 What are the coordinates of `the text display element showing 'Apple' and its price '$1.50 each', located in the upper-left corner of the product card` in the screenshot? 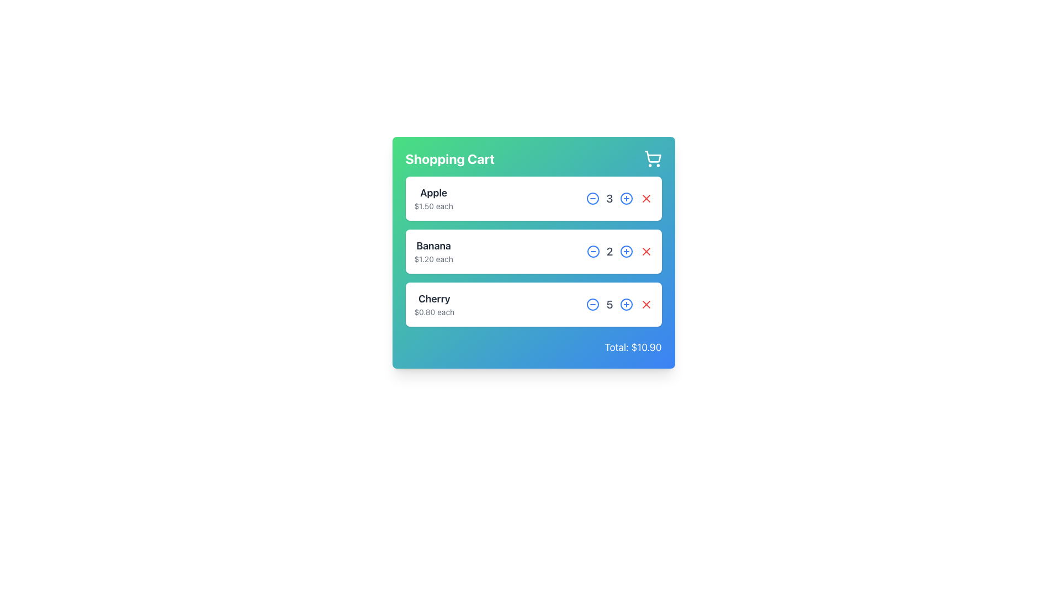 It's located at (433, 198).